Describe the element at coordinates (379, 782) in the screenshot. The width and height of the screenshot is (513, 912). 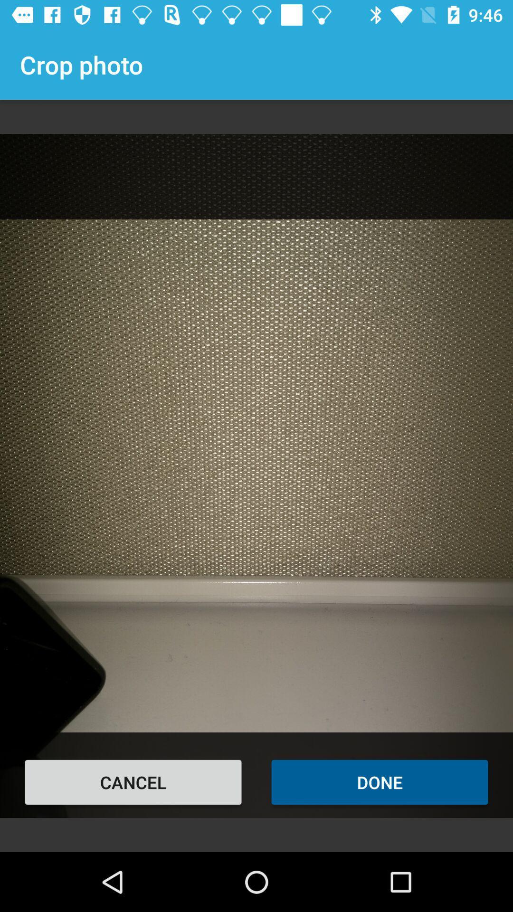
I see `the done at the bottom right corner` at that location.